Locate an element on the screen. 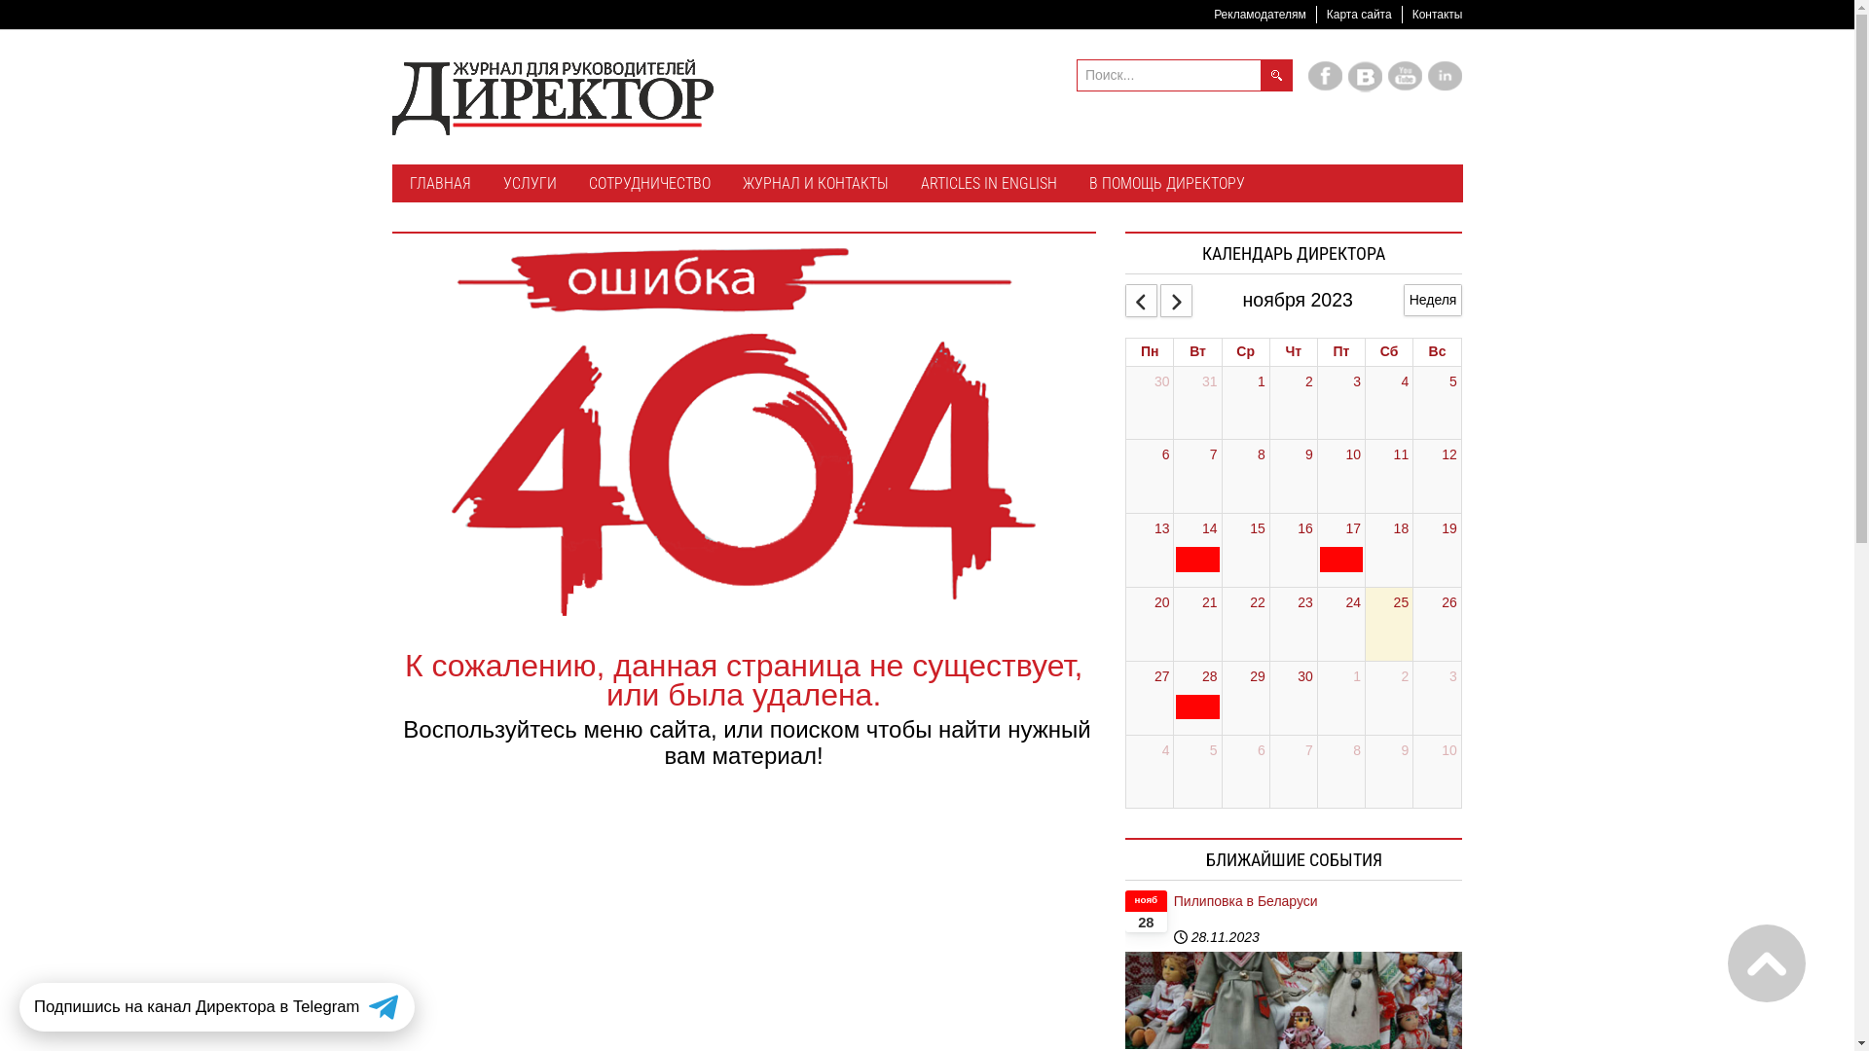  '27' is located at coordinates (1162, 675).